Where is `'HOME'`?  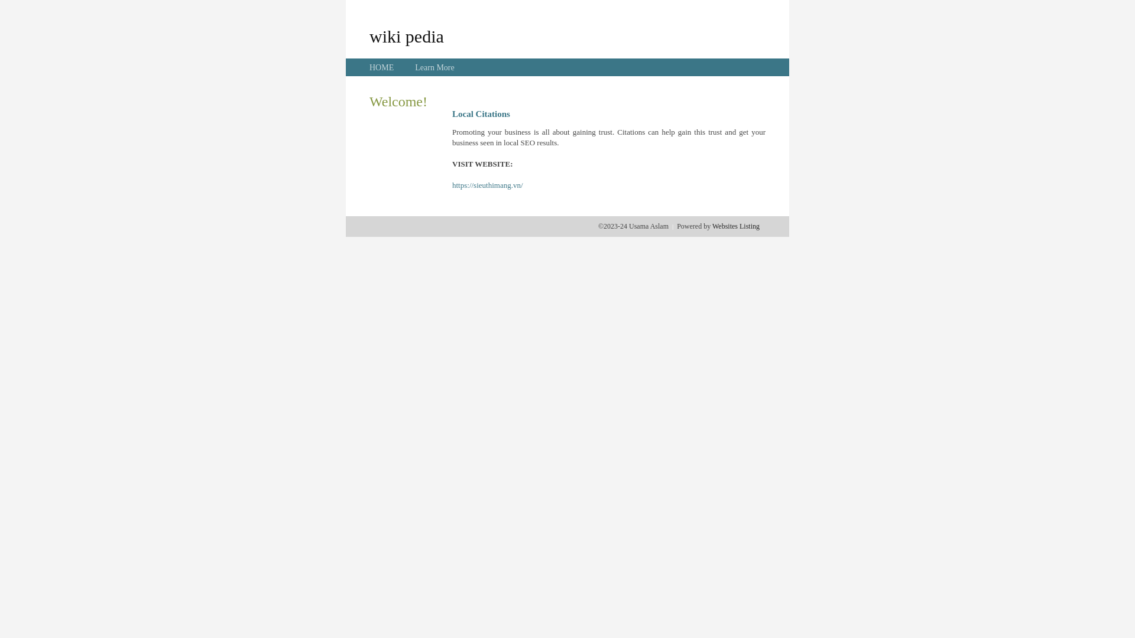 'HOME' is located at coordinates (381, 67).